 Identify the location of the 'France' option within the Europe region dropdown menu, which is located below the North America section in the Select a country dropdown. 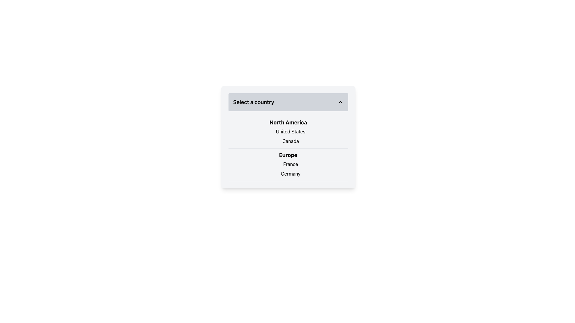
(288, 165).